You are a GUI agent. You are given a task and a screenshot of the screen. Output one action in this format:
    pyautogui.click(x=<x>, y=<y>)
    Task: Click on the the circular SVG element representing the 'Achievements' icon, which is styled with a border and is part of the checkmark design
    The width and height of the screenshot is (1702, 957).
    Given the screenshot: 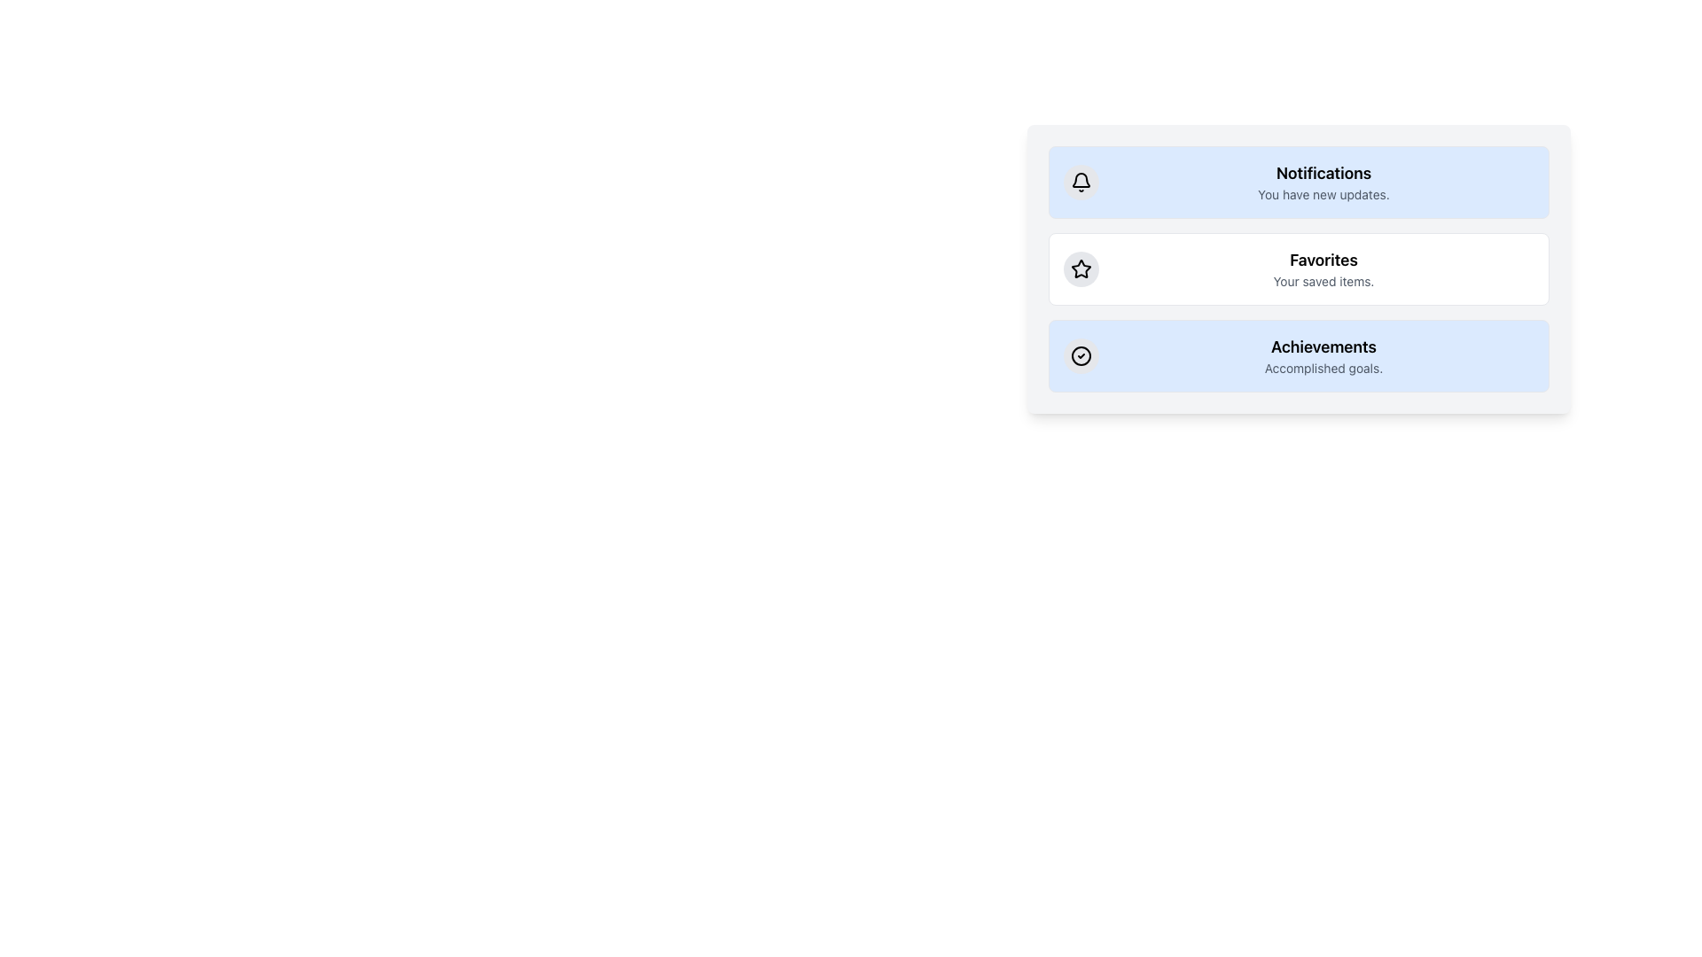 What is the action you would take?
    pyautogui.click(x=1080, y=355)
    